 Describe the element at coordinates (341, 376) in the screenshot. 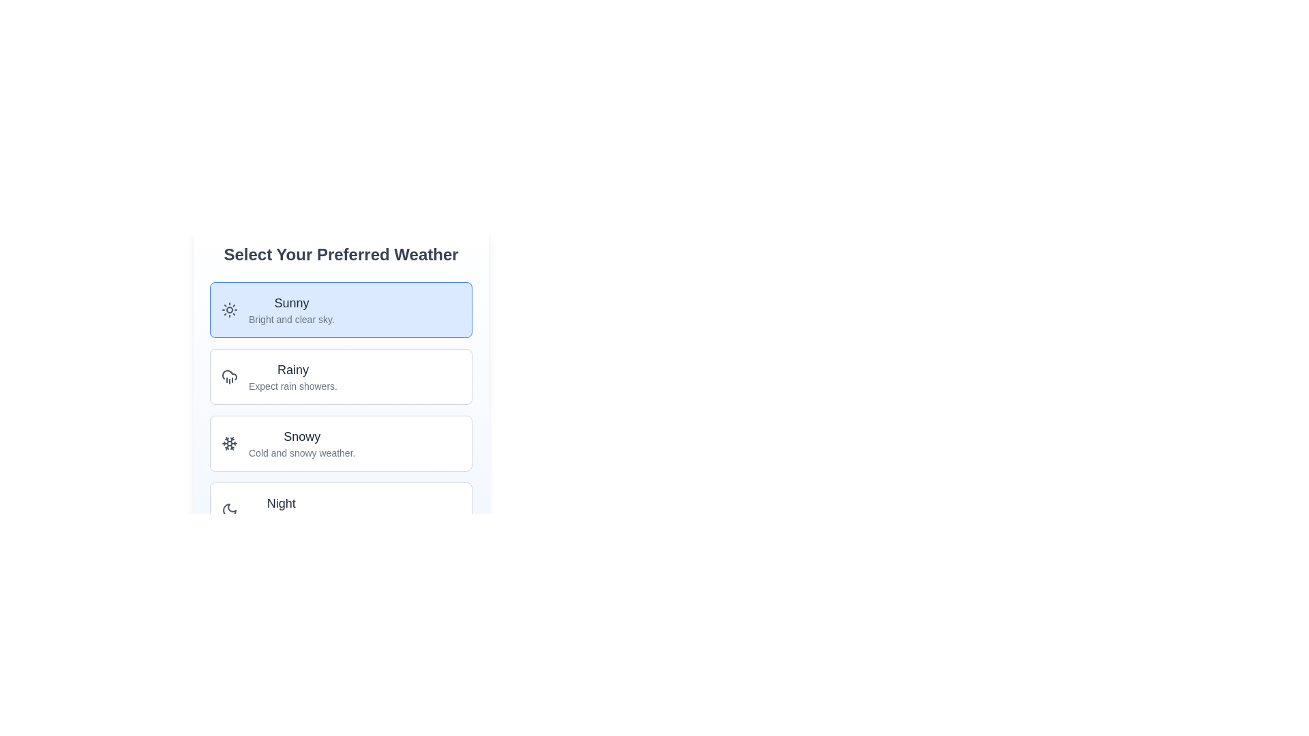

I see `the second selectable list item in the vertical list of weather types` at that location.